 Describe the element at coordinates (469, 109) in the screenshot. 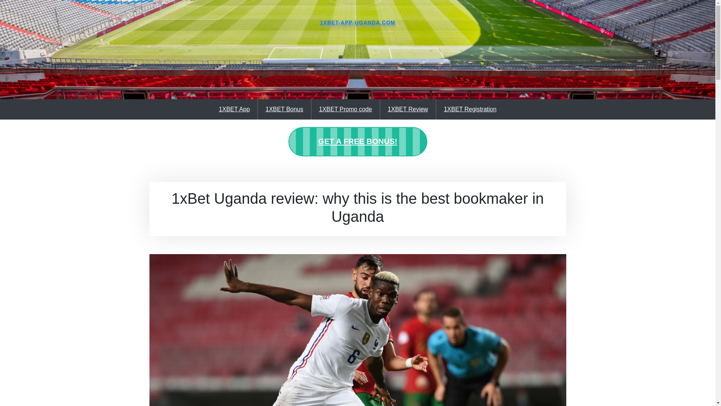

I see `'1XBET Registration'` at that location.